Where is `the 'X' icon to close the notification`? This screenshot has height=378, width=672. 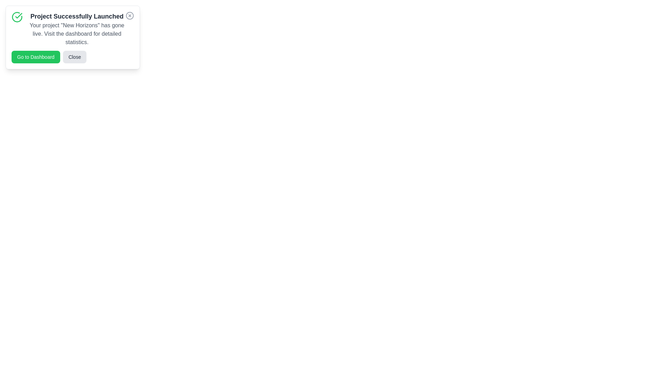 the 'X' icon to close the notification is located at coordinates (129, 16).